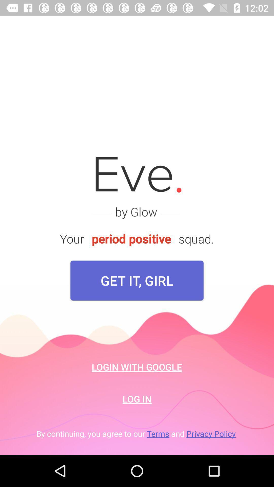  Describe the element at coordinates (136, 367) in the screenshot. I see `the icon below the get it, girl item` at that location.